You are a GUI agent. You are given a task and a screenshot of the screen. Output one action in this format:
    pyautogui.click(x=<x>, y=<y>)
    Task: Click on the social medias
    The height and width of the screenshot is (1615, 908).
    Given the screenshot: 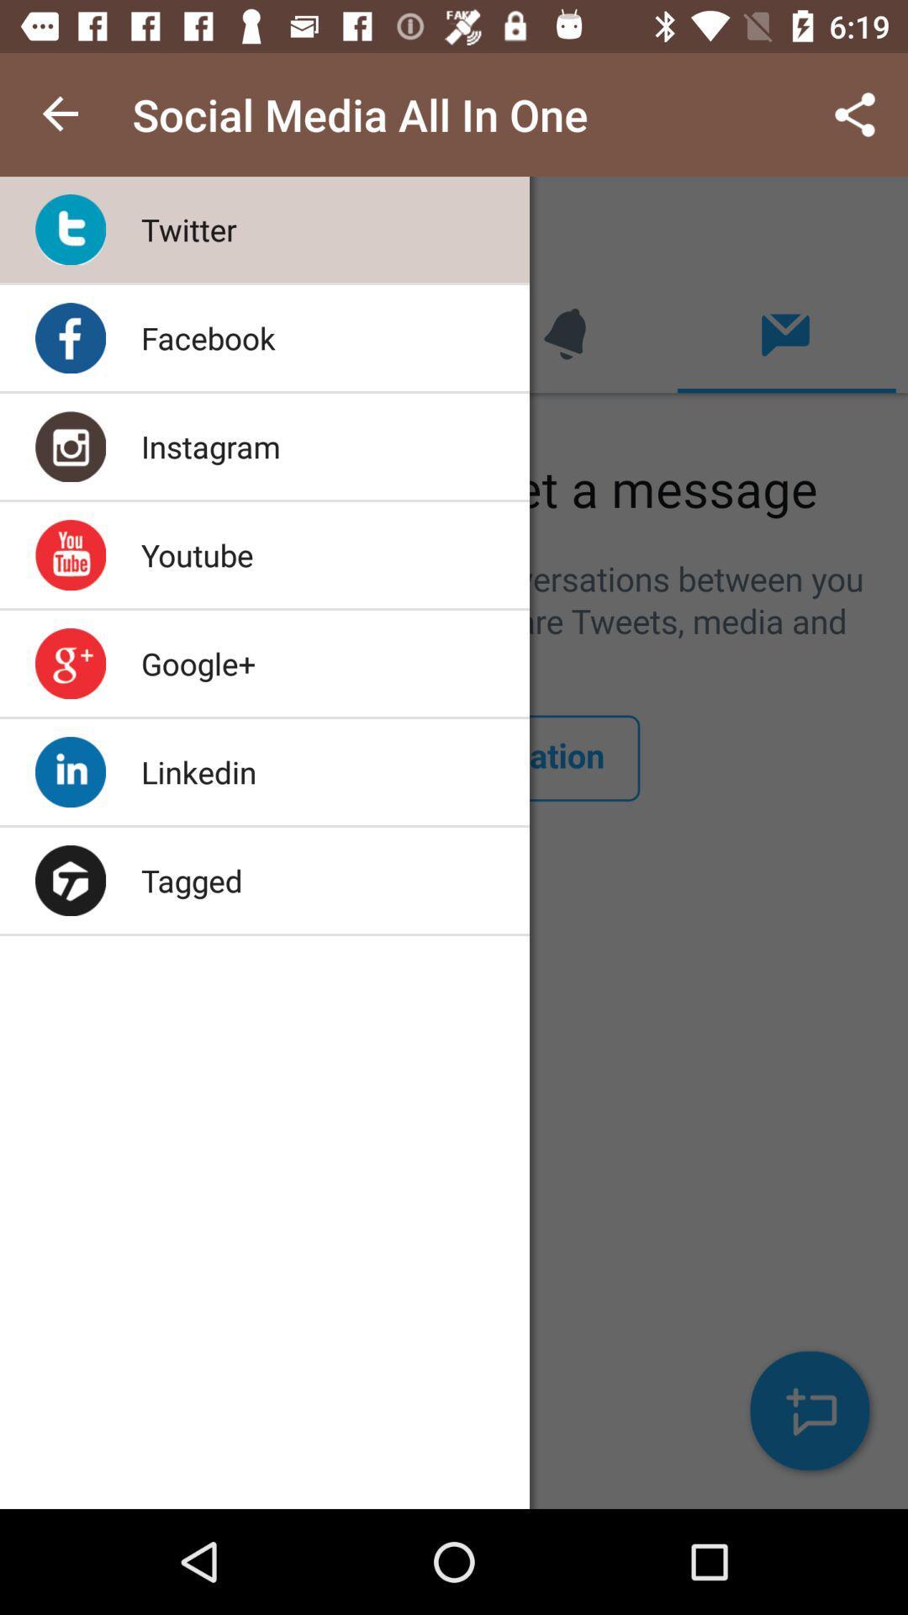 What is the action you would take?
    pyautogui.click(x=454, y=843)
    